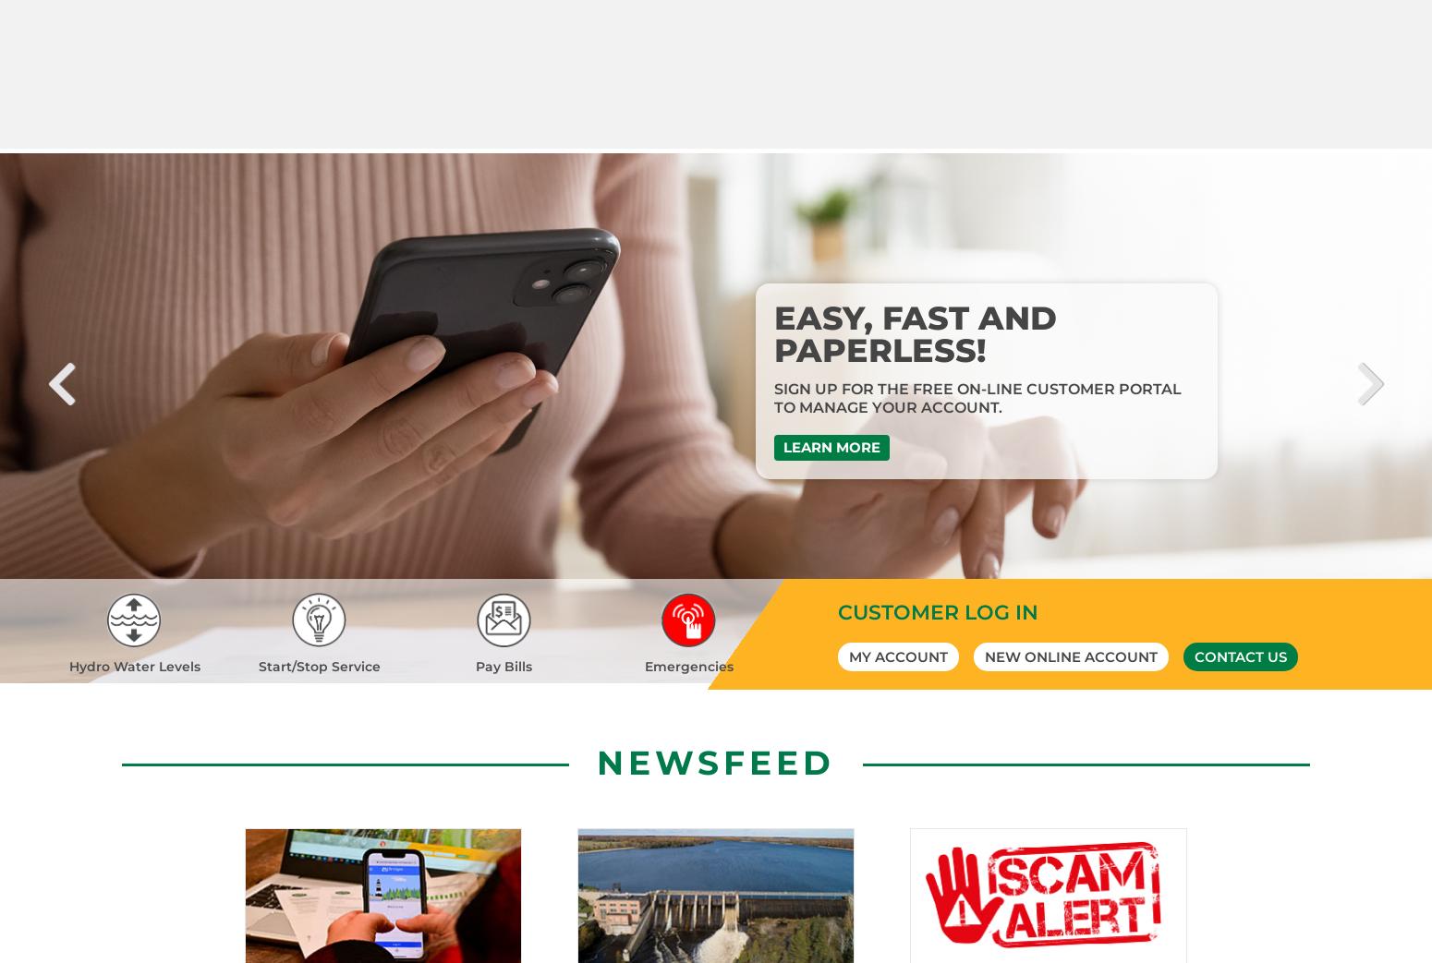 The image size is (1432, 963). Describe the element at coordinates (507, 915) in the screenshot. I see `'Business Service Assistance'` at that location.